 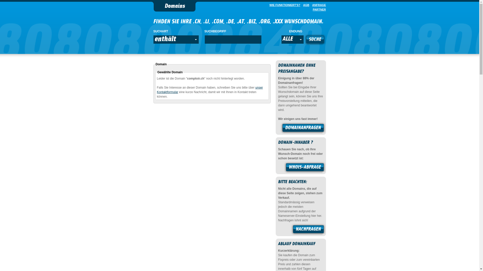 What do you see at coordinates (304, 40) in the screenshot?
I see `'SUCHE'` at bounding box center [304, 40].